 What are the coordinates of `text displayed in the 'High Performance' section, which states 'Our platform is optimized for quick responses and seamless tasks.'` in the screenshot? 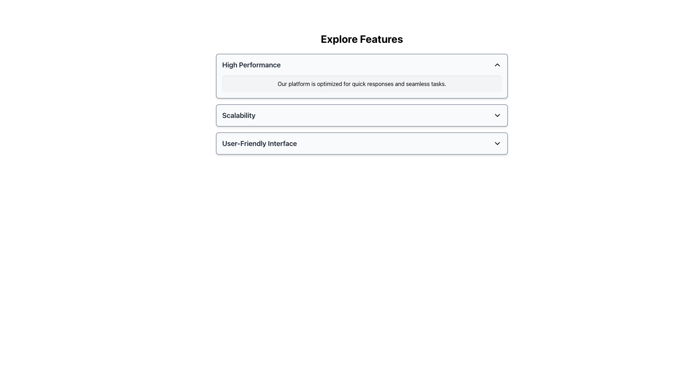 It's located at (362, 84).